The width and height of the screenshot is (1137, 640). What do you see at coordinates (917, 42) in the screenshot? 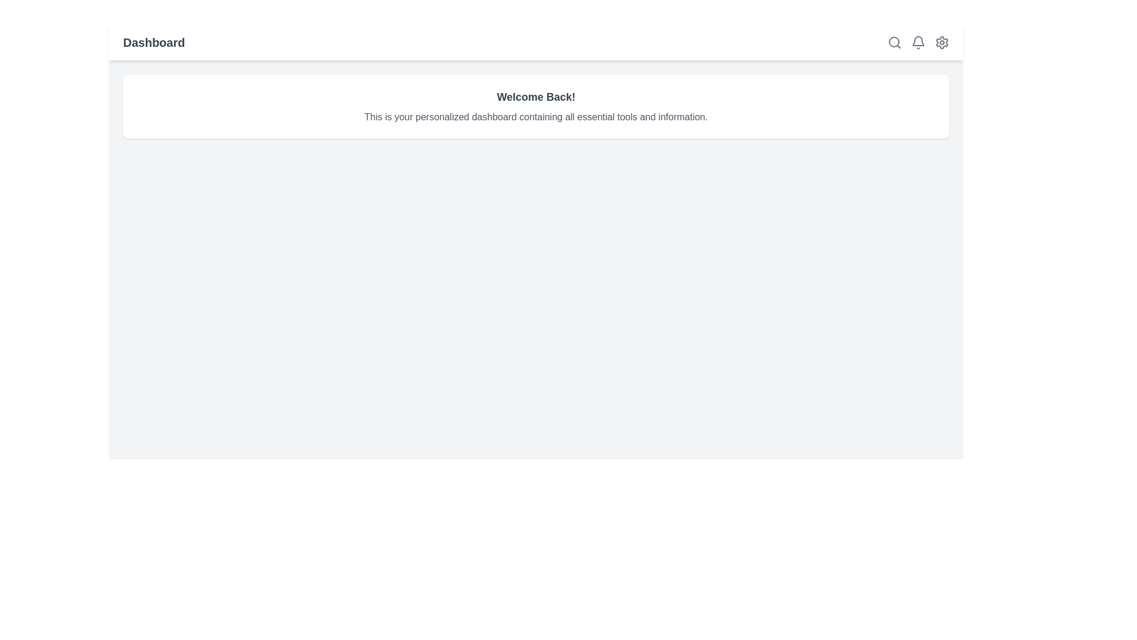
I see `the notifications icon located in the upper-right section of the interface, which is the third icon in a row following the search icon and preceding the settings icon, to trigger a tooltip` at bounding box center [917, 42].